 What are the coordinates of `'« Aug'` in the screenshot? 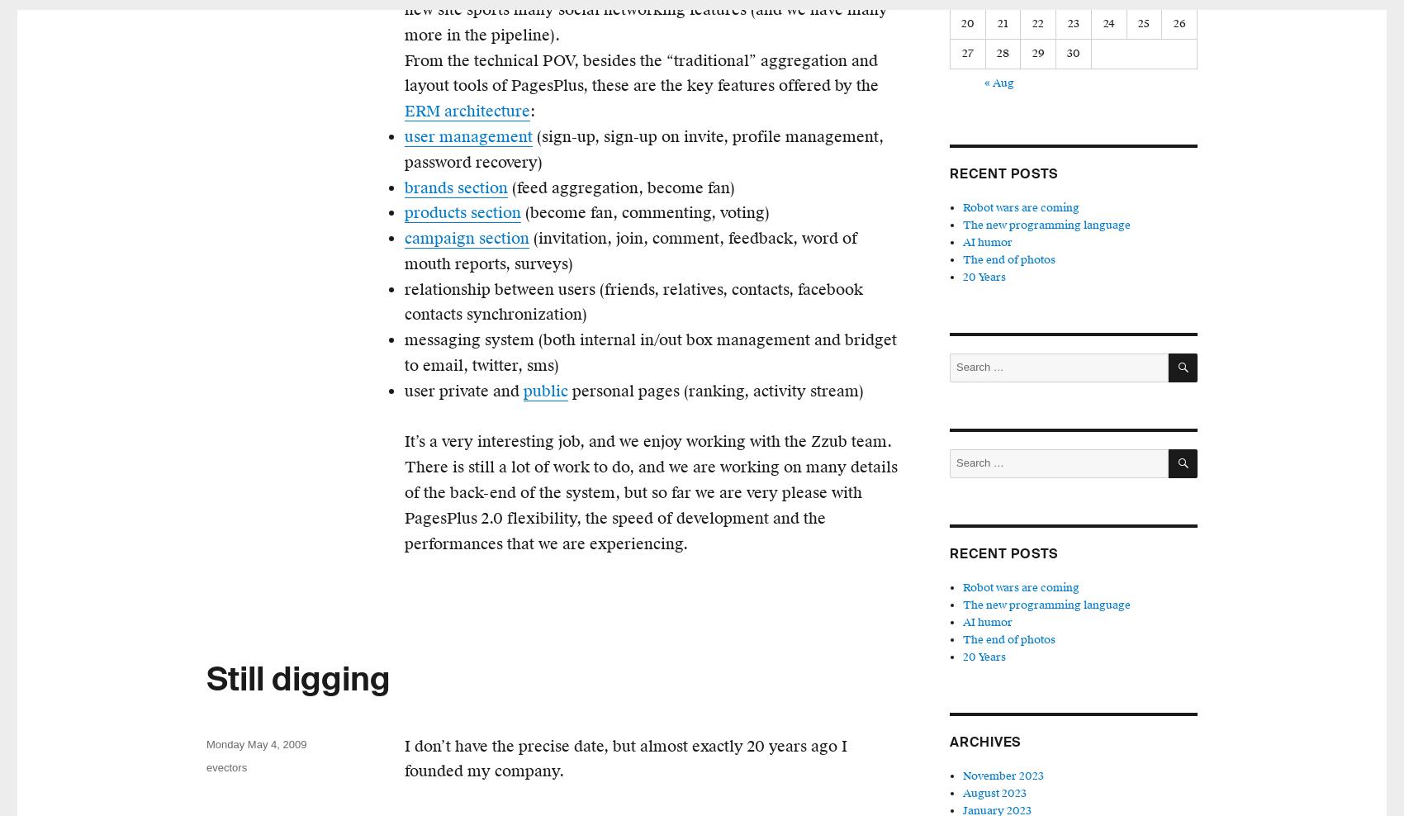 It's located at (984, 83).